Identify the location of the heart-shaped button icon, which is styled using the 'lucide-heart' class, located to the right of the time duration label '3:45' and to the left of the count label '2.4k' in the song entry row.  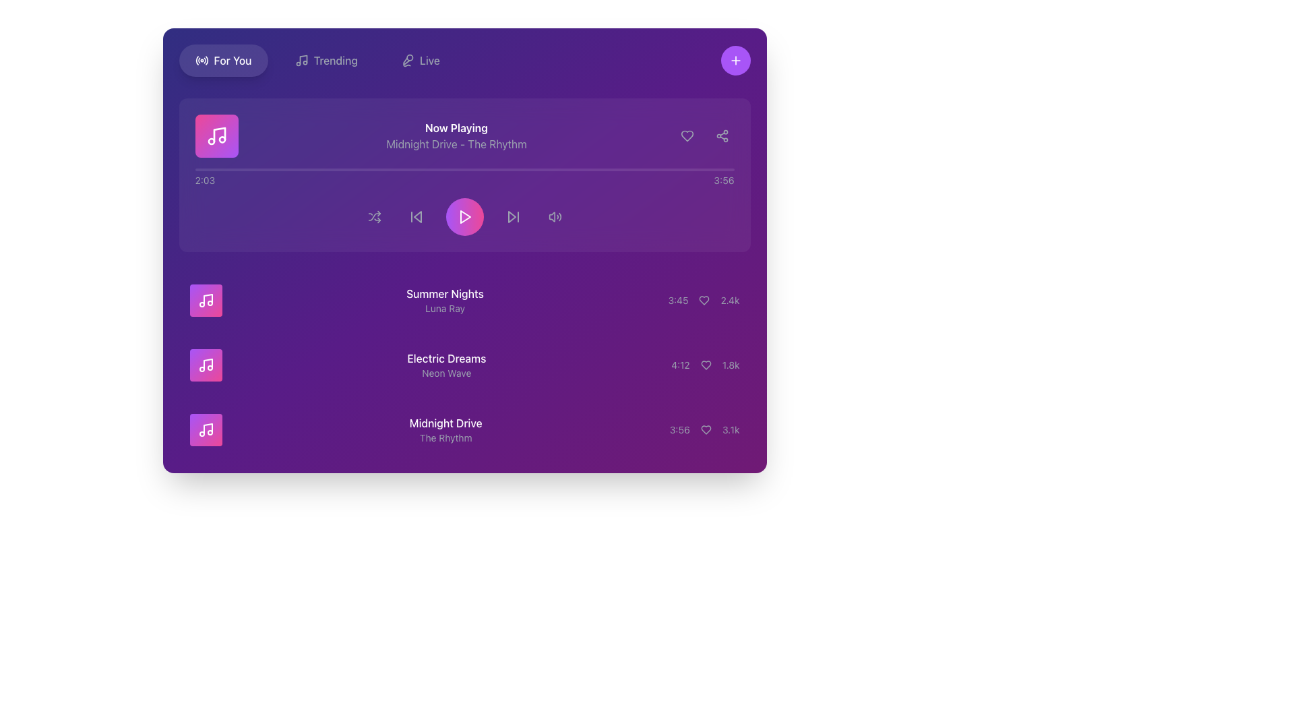
(704, 300).